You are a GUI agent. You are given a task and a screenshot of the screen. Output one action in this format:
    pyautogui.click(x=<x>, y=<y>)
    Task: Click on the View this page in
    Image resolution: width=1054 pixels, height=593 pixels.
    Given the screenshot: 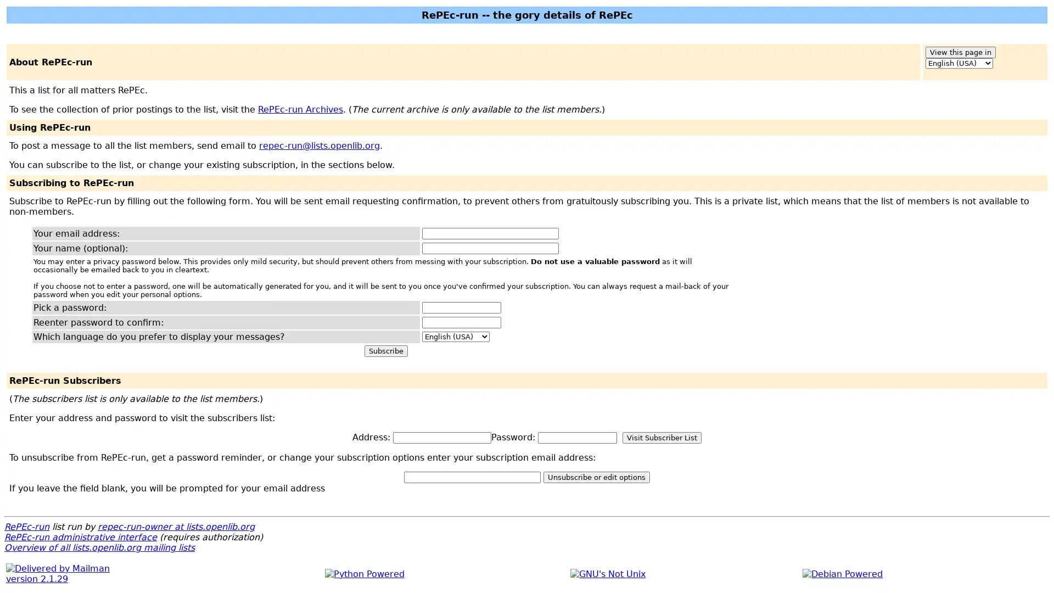 What is the action you would take?
    pyautogui.click(x=960, y=52)
    